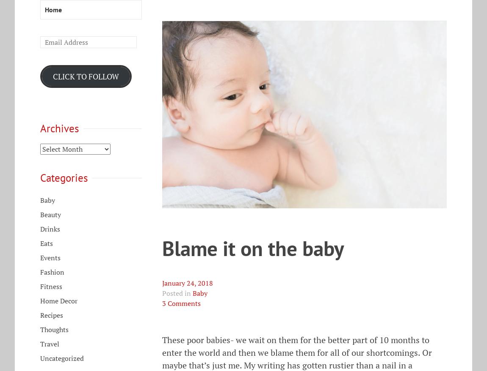 This screenshot has height=371, width=487. What do you see at coordinates (39, 228) in the screenshot?
I see `'Drinks'` at bounding box center [39, 228].